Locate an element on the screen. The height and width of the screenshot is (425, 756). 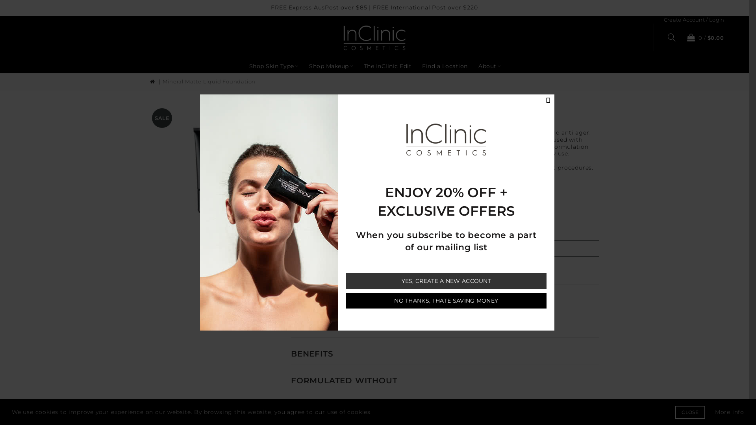
'0 / $0.00' is located at coordinates (703, 37).